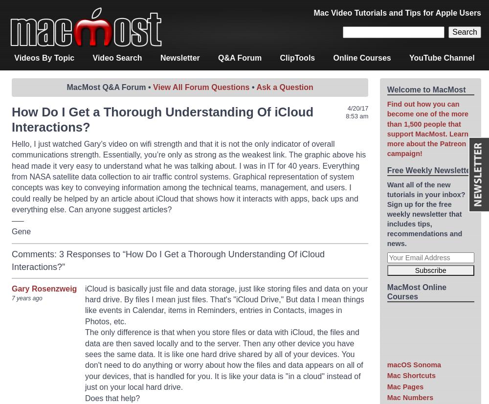  Describe the element at coordinates (427, 129) in the screenshot. I see `'Find out how you can become one of the more than 1,500 people that support MacMost. Learn more about the Patreon campaign!'` at that location.